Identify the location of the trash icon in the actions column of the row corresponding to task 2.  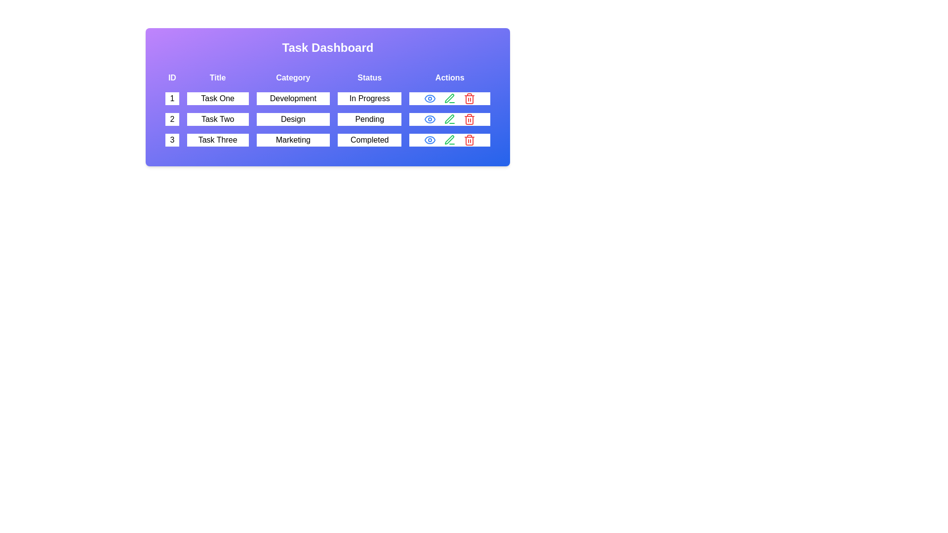
(469, 119).